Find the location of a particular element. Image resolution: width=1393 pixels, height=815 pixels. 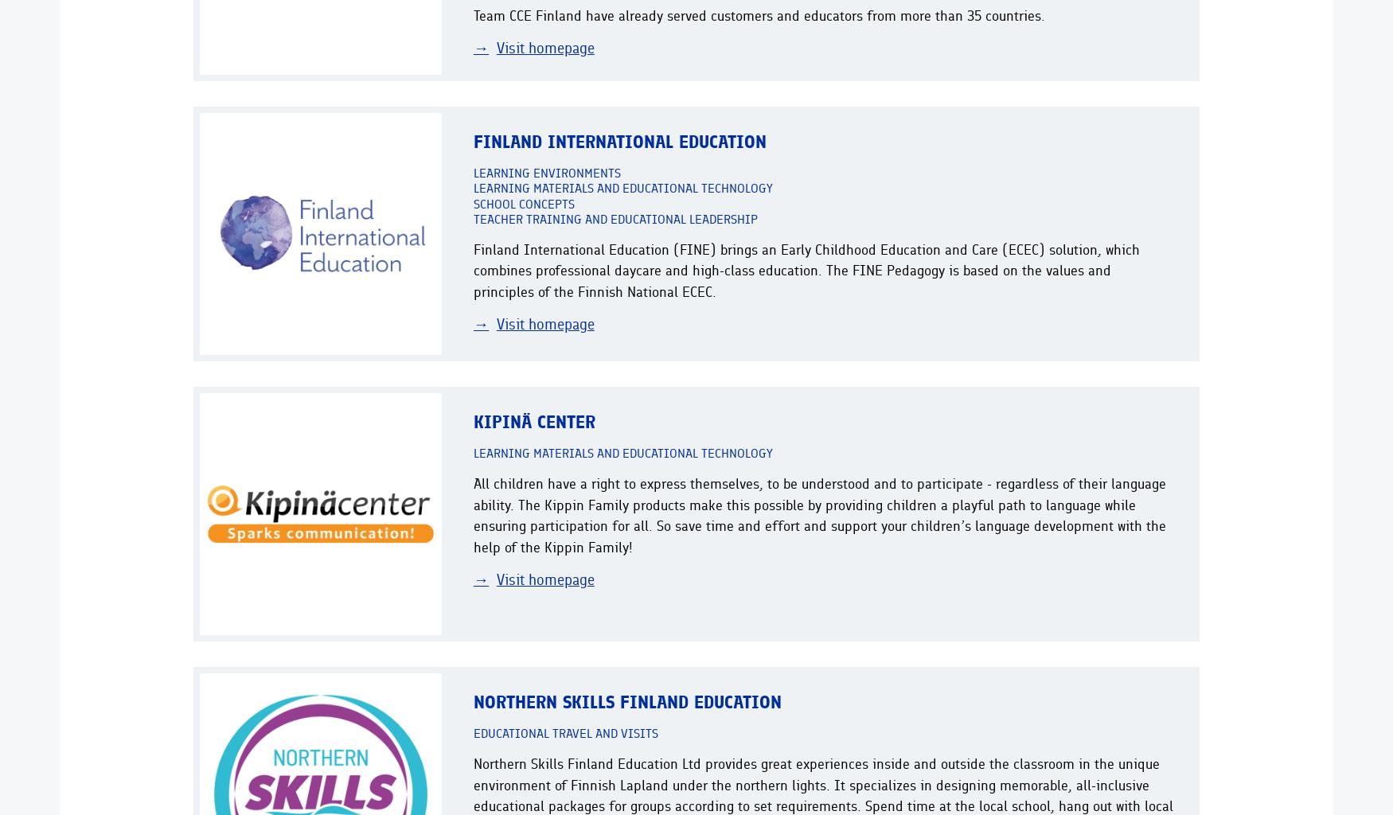

'School concepts' is located at coordinates (523, 202).